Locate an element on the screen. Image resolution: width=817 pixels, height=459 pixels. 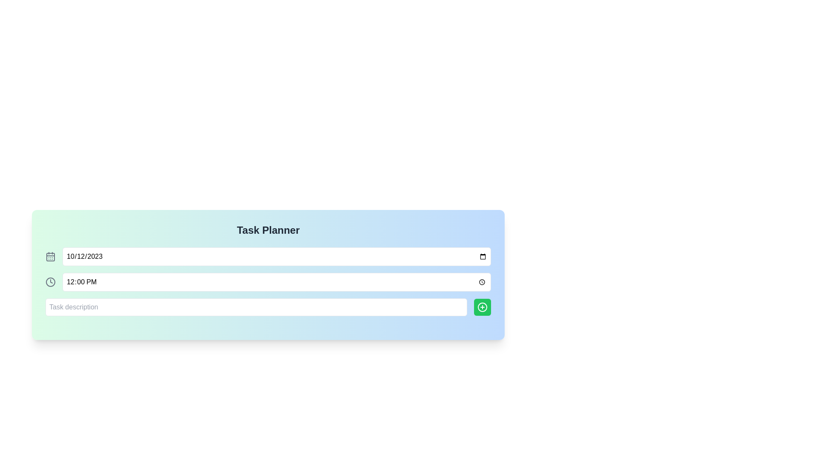
the SVG circle representing the outer circular edge of the clock icon located to the left of the time input field in the task planner interface is located at coordinates (50, 282).